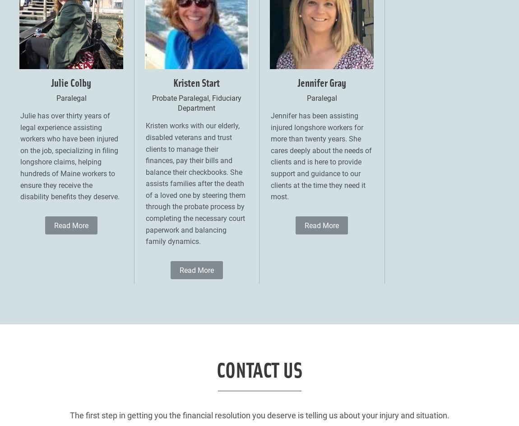 The width and height of the screenshot is (519, 426). What do you see at coordinates (321, 81) in the screenshot?
I see `'Jennifer Gray'` at bounding box center [321, 81].